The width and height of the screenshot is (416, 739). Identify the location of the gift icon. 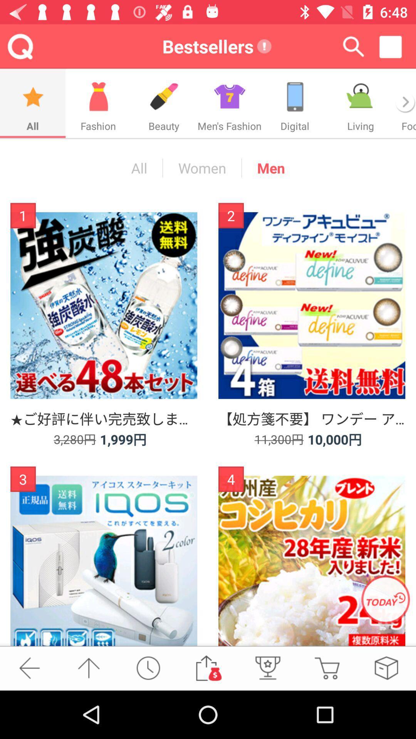
(229, 103).